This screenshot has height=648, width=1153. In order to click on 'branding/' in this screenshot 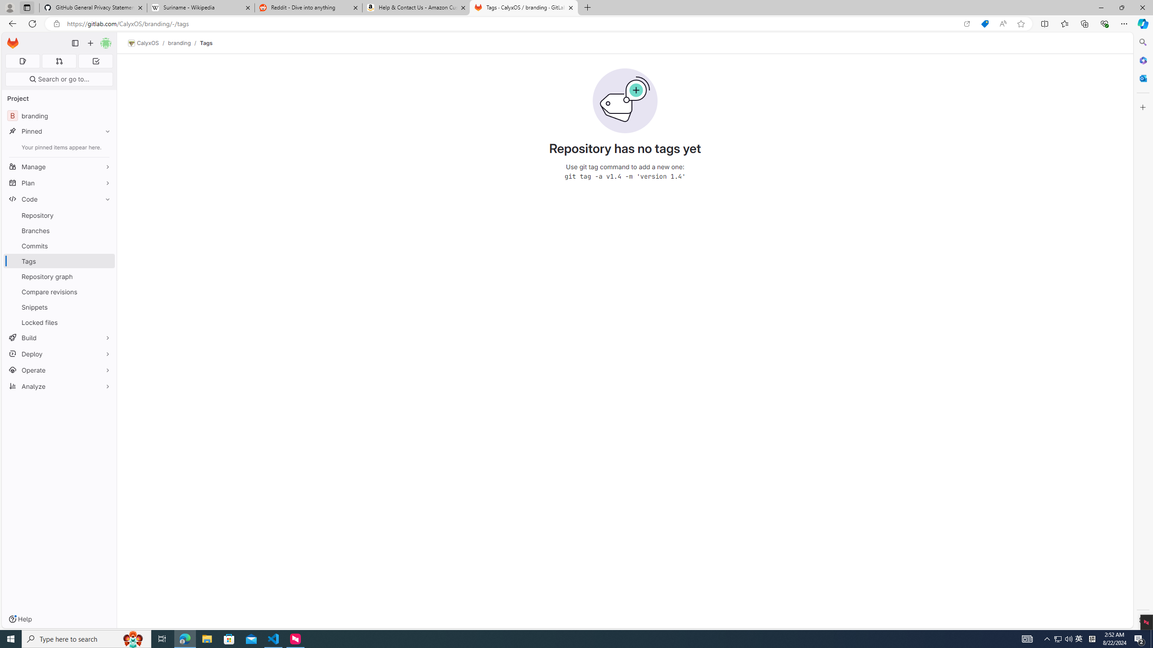, I will do `click(183, 43)`.